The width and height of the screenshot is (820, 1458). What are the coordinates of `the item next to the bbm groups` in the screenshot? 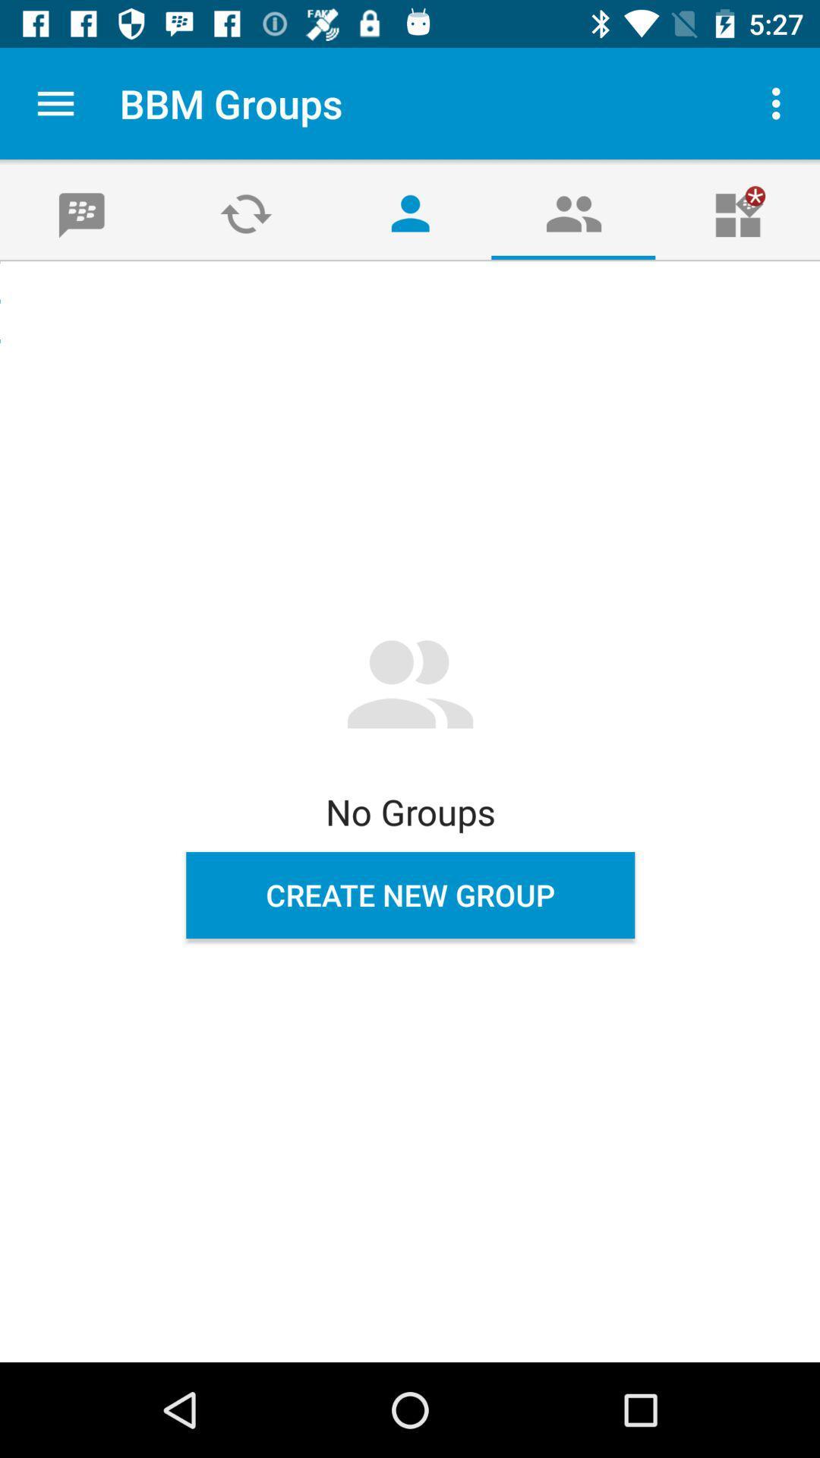 It's located at (55, 103).